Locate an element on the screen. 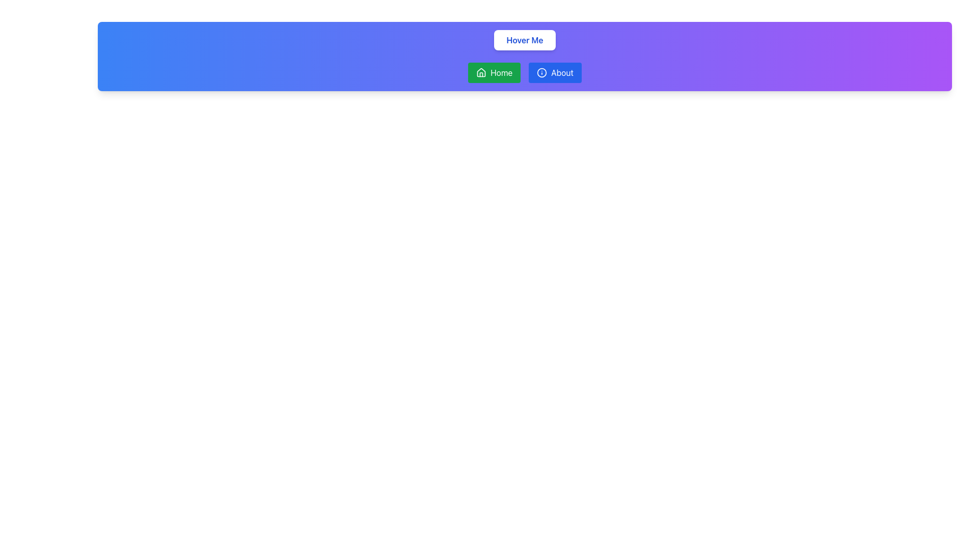 The width and height of the screenshot is (978, 550). the SVG icon that accompanies the 'About' text, located in the horizontal navigation bar to the right of the 'Home' button is located at coordinates (541, 72).